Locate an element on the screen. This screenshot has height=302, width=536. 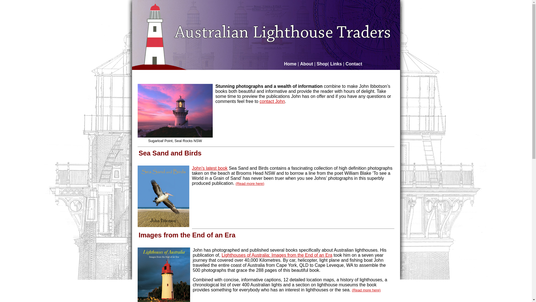
'Shop' is located at coordinates (322, 63).